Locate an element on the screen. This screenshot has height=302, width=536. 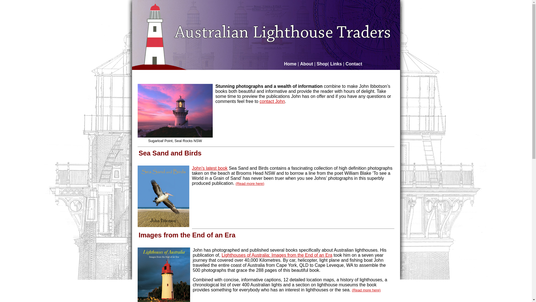
'Shop' is located at coordinates (322, 63).